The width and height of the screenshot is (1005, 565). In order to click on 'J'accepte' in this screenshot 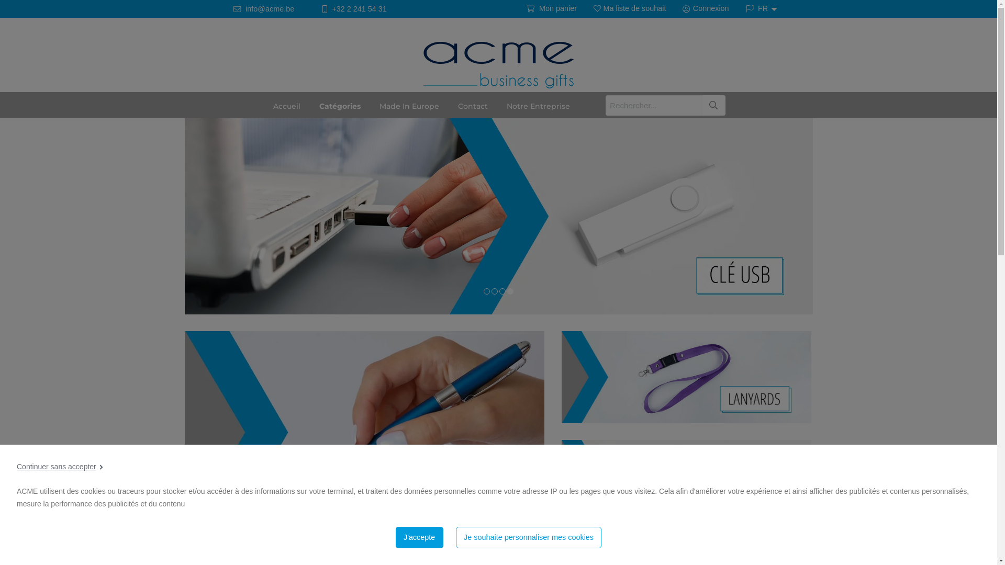, I will do `click(395, 537)`.